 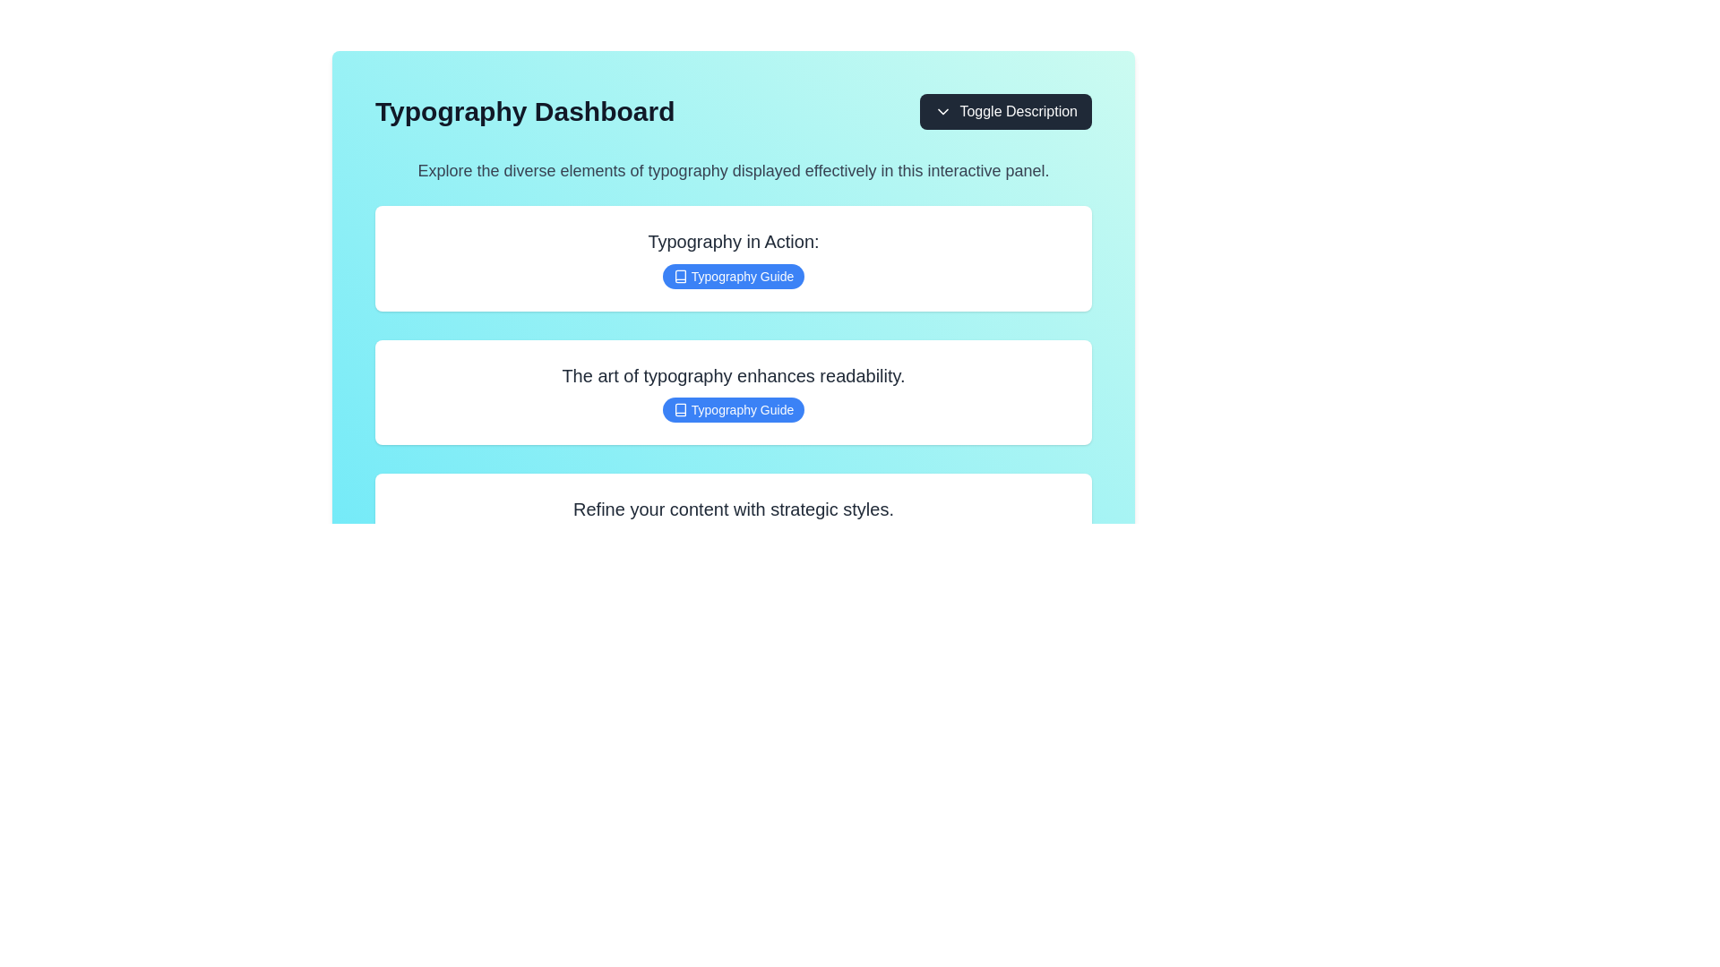 What do you see at coordinates (734, 276) in the screenshot?
I see `the button that serves as a reference or link to a guide about typography located in the 'Typography in Action:' section, positioned near the center right of the section title` at bounding box center [734, 276].